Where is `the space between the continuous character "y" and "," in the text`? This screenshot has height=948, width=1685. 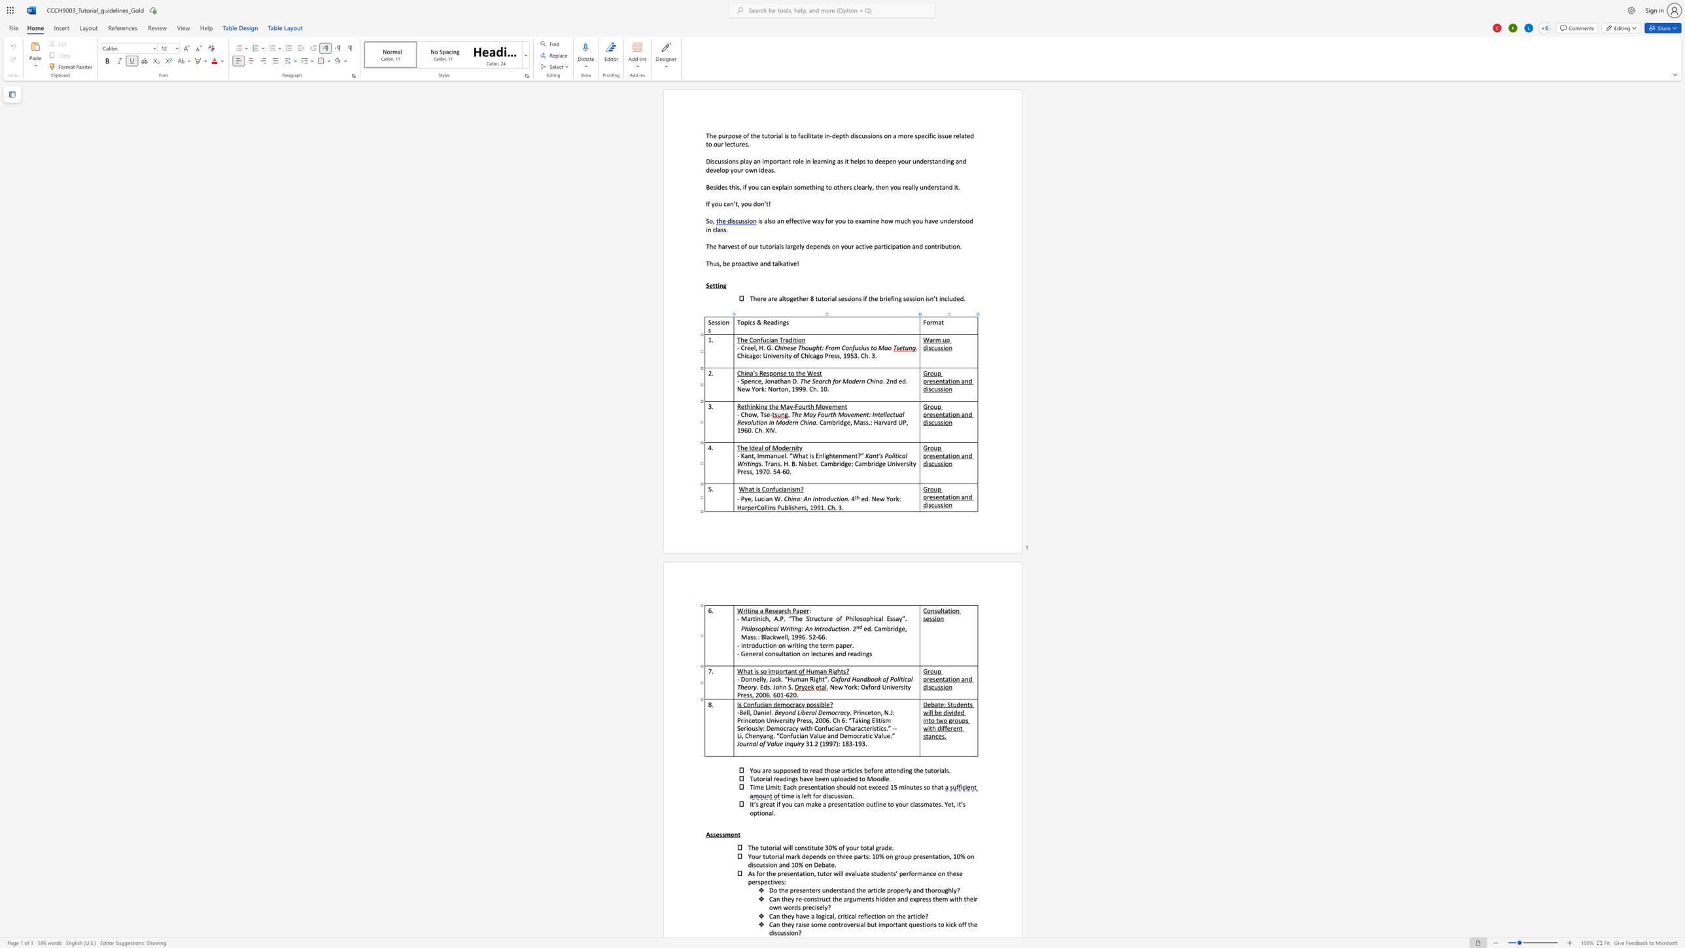 the space between the continuous character "y" and "," in the text is located at coordinates (765, 679).